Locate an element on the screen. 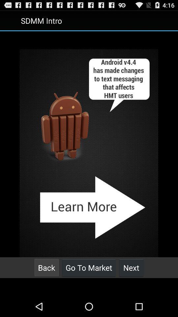 This screenshot has height=317, width=178. button next to go to market icon is located at coordinates (46, 267).